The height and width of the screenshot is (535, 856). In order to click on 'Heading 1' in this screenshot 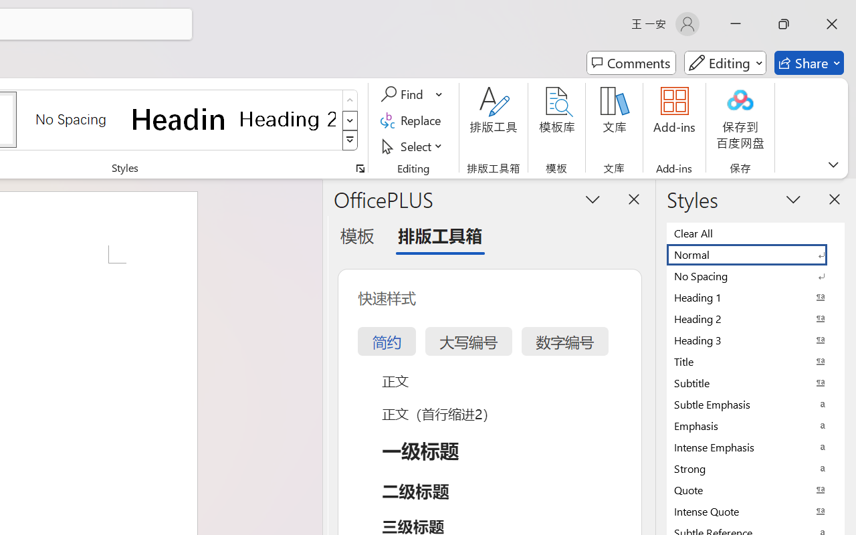, I will do `click(179, 118)`.